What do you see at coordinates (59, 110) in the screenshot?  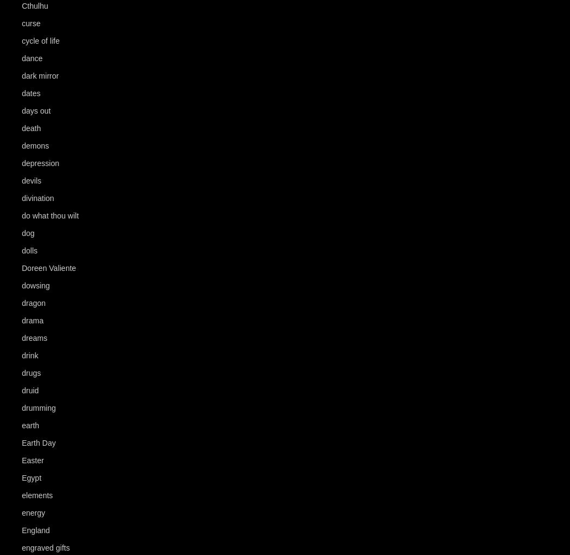 I see `'(56)'` at bounding box center [59, 110].